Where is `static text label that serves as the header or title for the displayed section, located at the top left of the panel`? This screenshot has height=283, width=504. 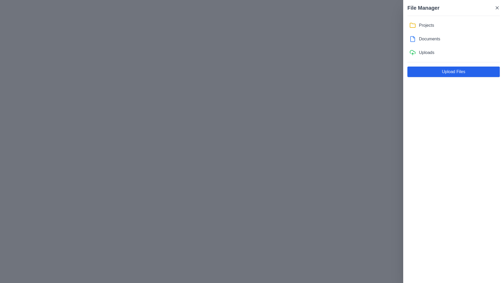
static text label that serves as the header or title for the displayed section, located at the top left of the panel is located at coordinates (423, 8).